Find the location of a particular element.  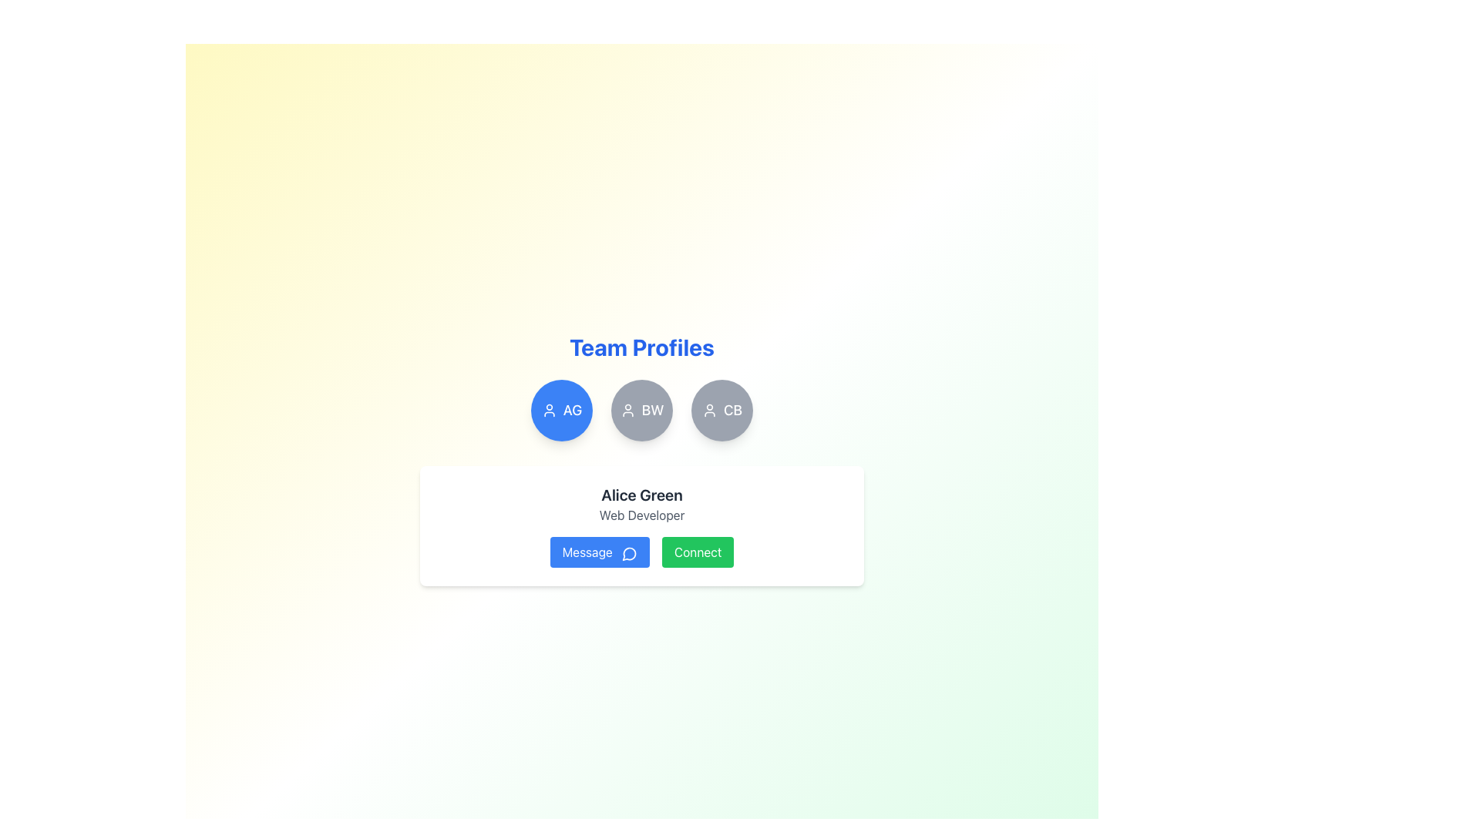

the 'Message' button with a royal blue background and white text is located at coordinates (599, 552).